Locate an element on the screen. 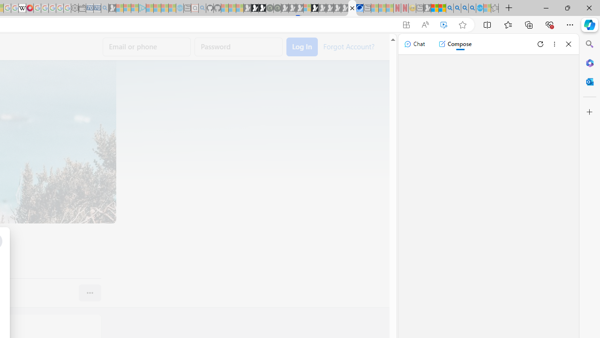 This screenshot has height=338, width=600. 'Email or phone' is located at coordinates (146, 47).